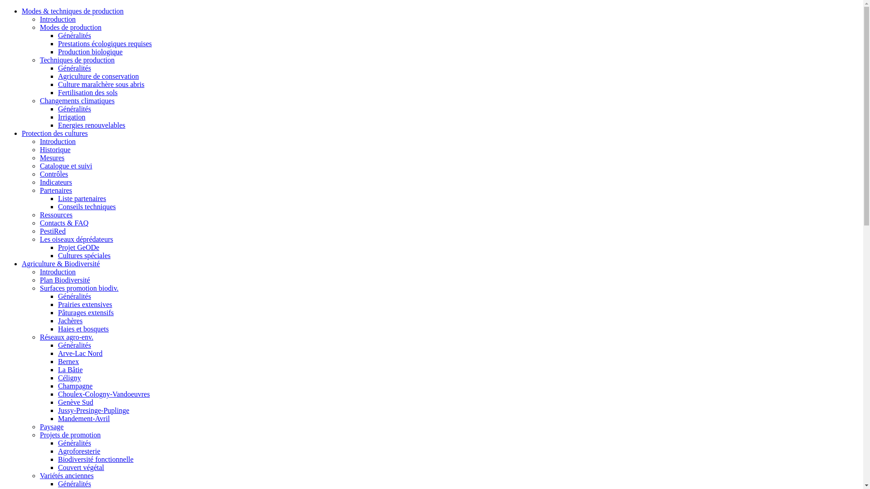 This screenshot has width=870, height=489. I want to click on 'Jussy-Presinge-Puplinge', so click(93, 410).